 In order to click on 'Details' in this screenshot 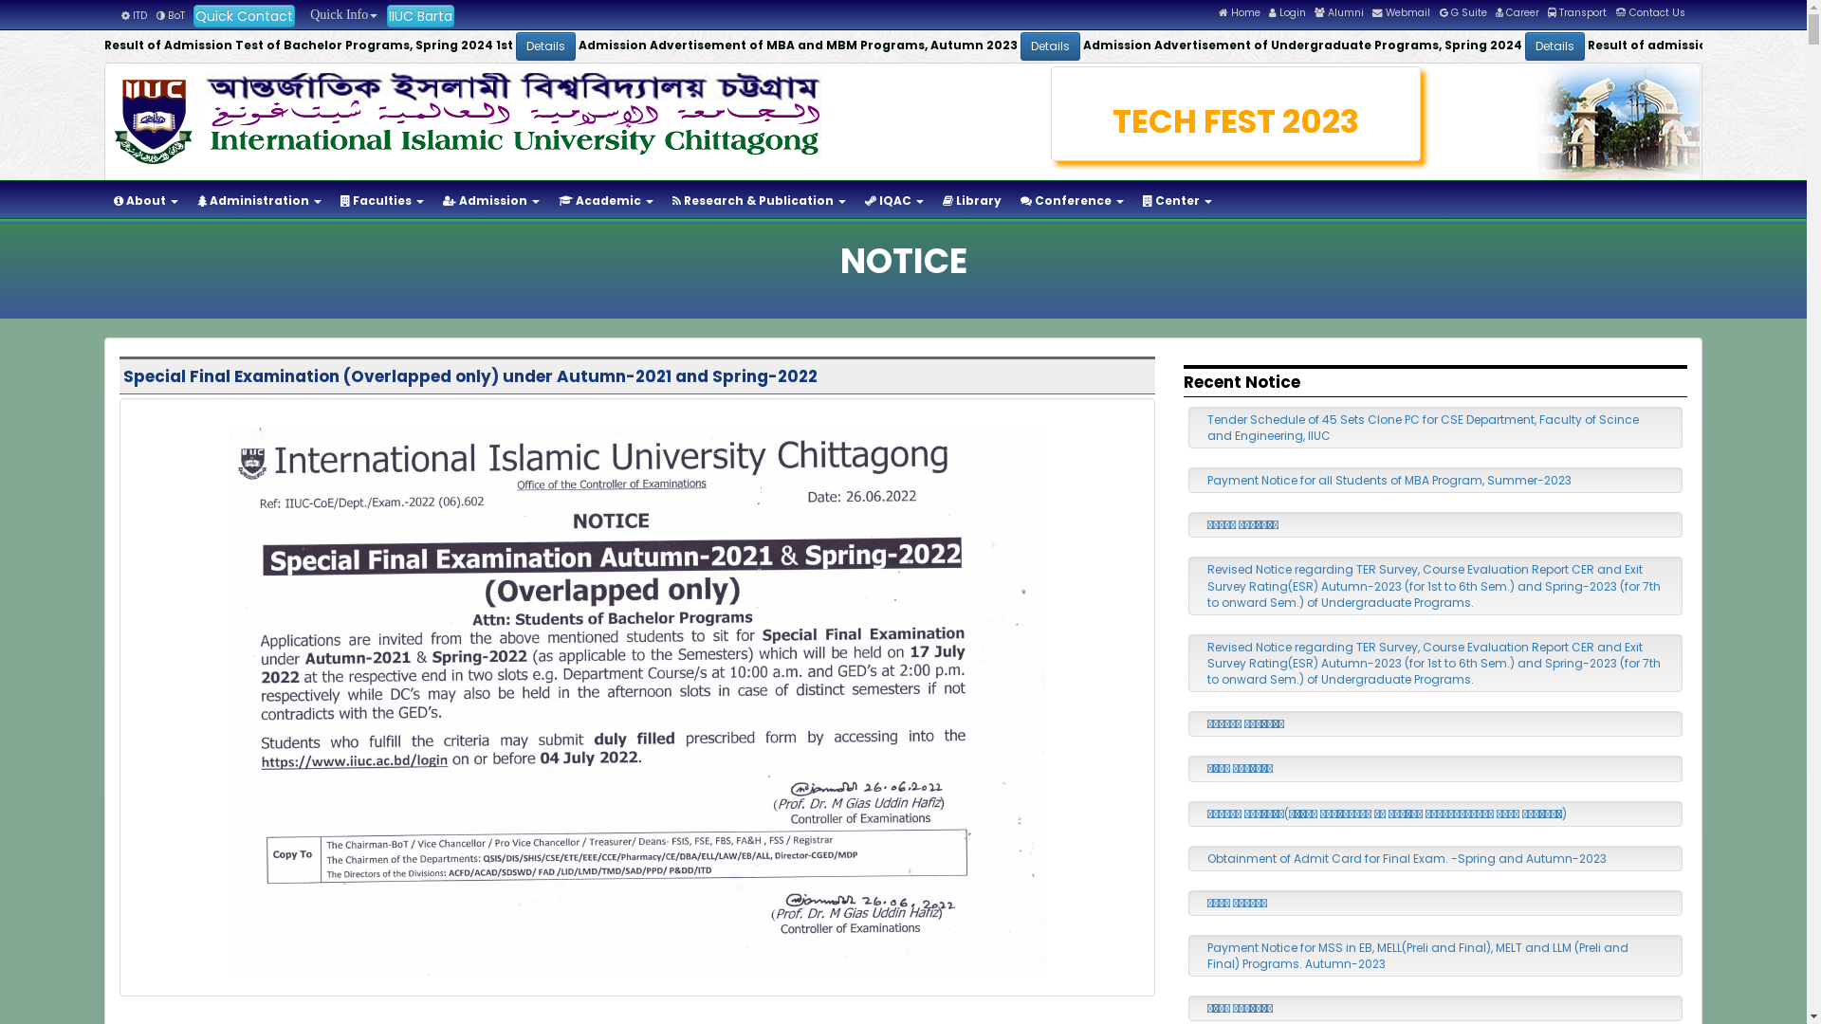, I will do `click(1378, 46)`.